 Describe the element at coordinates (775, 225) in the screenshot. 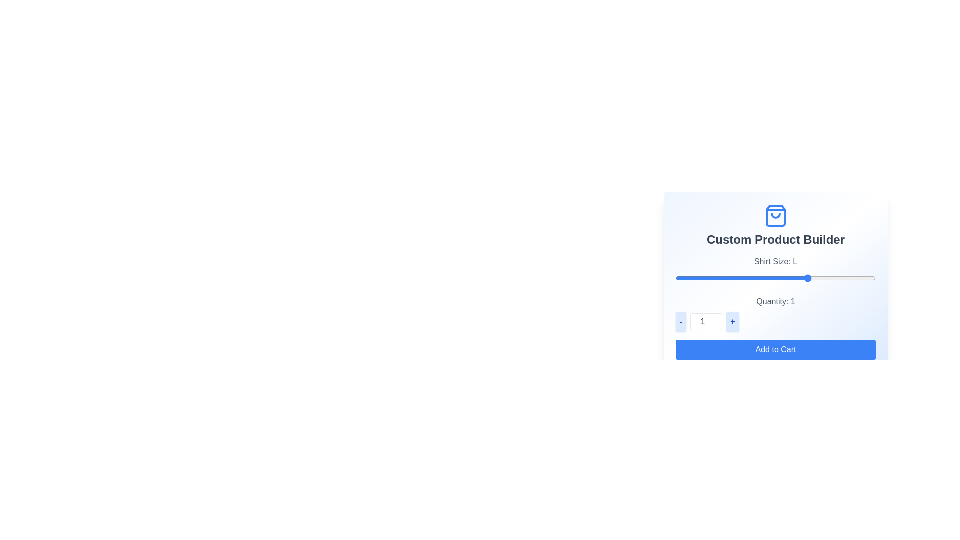

I see `the Header displaying 'Custom Product Builder' with a shopping bag icon above it` at that location.